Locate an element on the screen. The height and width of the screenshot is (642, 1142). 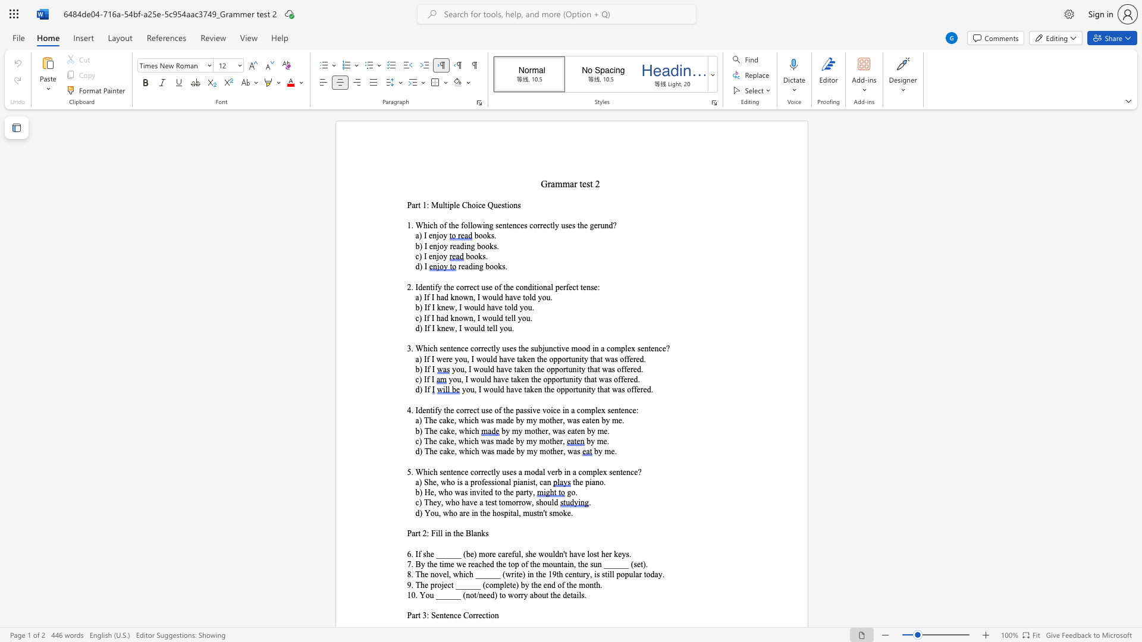
the space between the continuous character "r" and "t" in the text is located at coordinates (418, 204).